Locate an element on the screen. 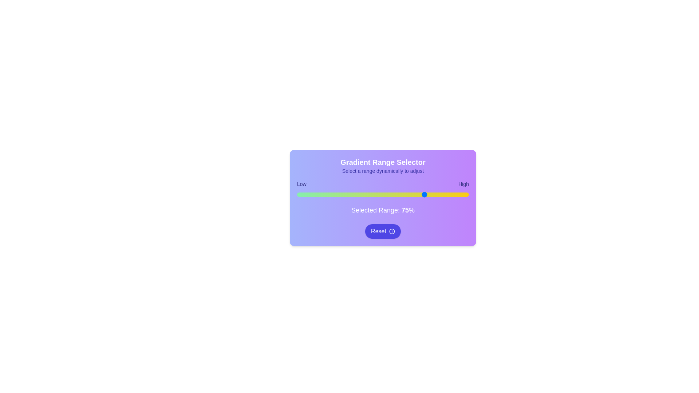 Image resolution: width=699 pixels, height=393 pixels. the range slider to 85% by dragging the slider knob is located at coordinates (443, 194).